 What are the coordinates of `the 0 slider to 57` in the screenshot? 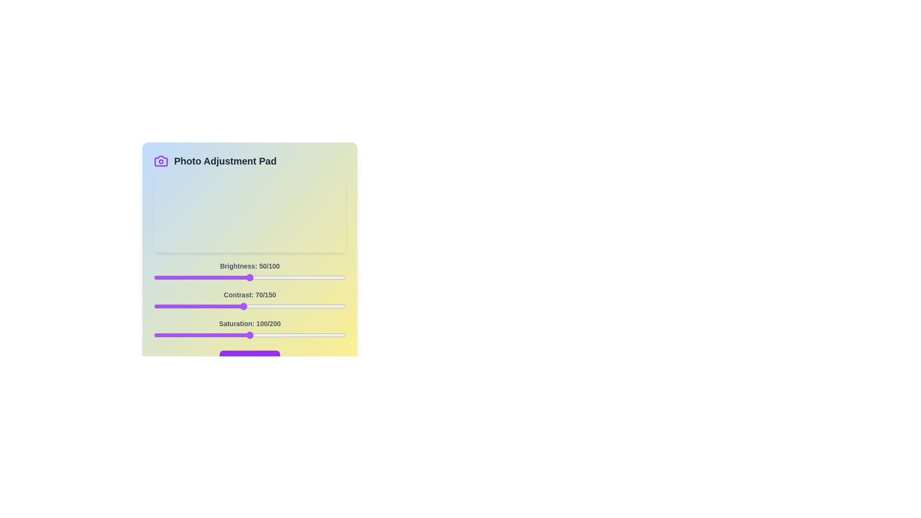 It's located at (263, 277).